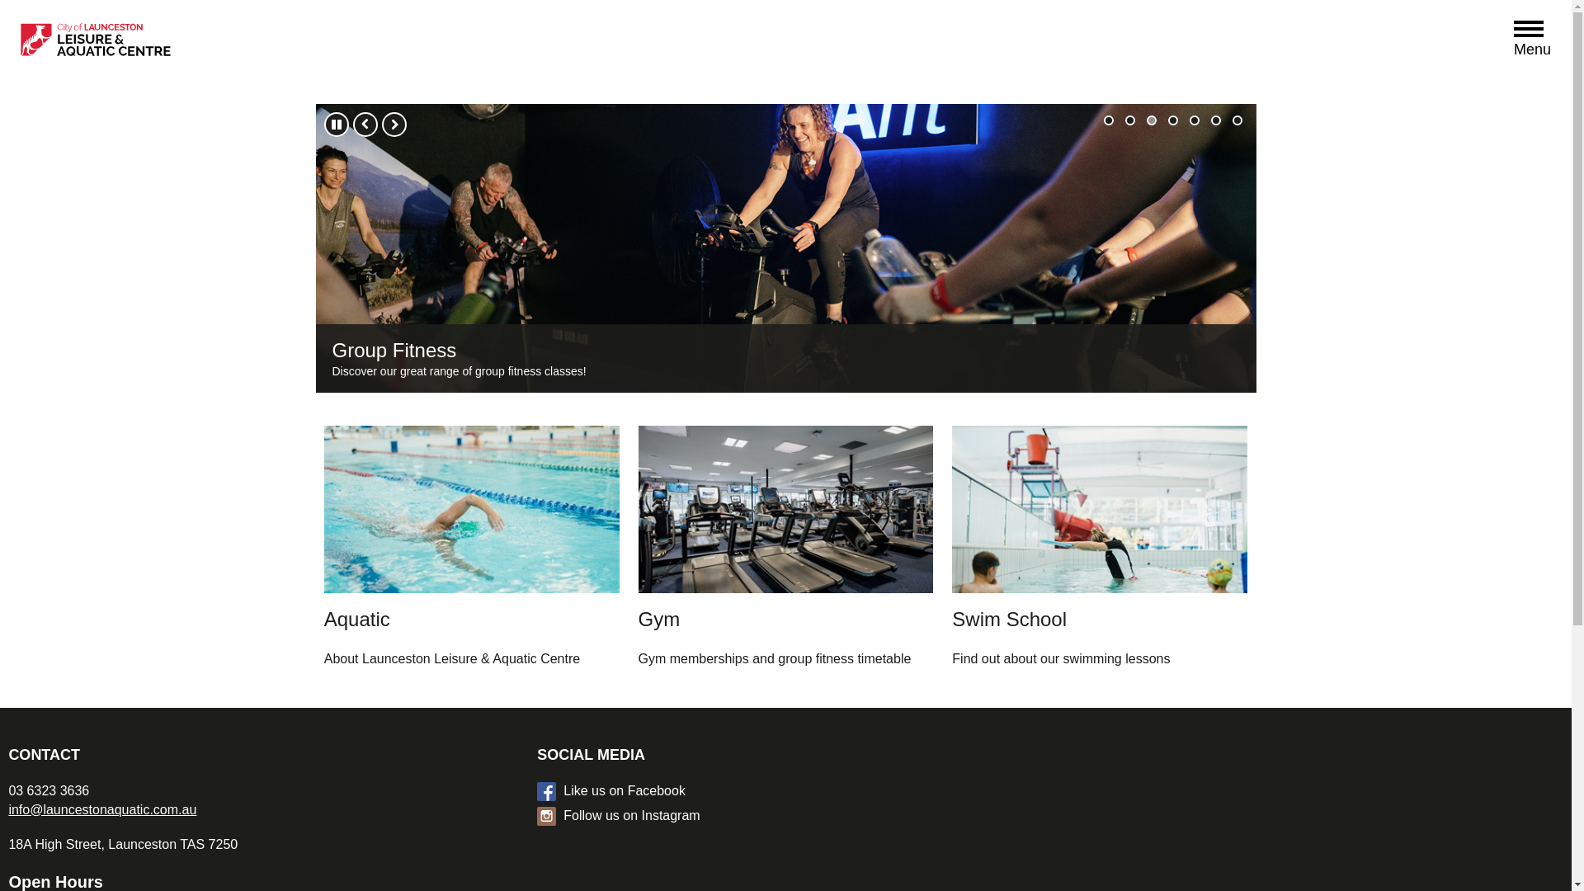 This screenshot has width=1584, height=891. I want to click on 'Pause', so click(335, 123).